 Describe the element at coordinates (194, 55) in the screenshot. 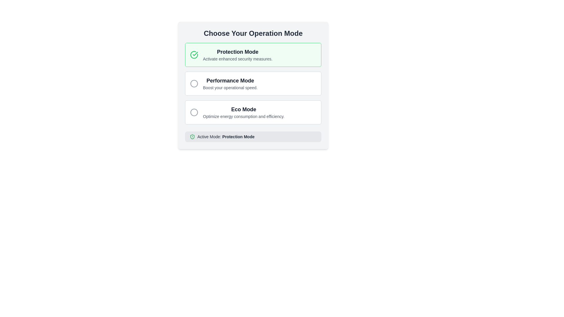

I see `the status update of the 'Protection Mode' selection indicator icon, which shows that this mode is currently active` at that location.